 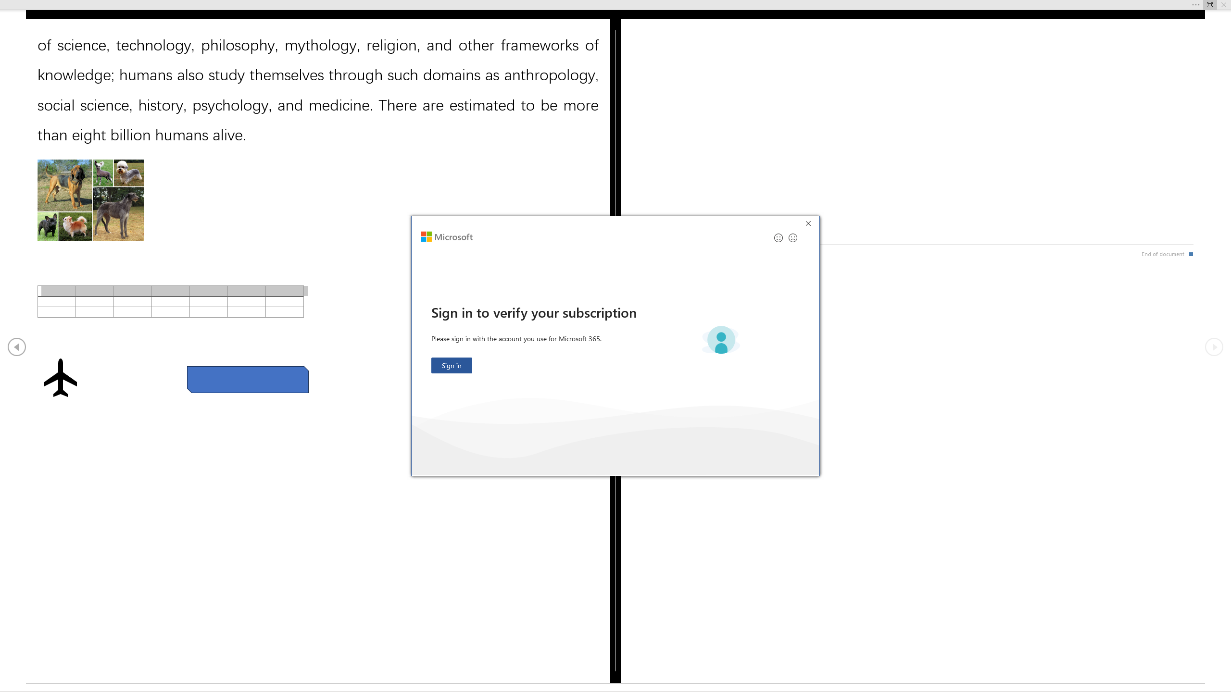 I want to click on 'Morphological variation in six dogs', so click(x=90, y=200).